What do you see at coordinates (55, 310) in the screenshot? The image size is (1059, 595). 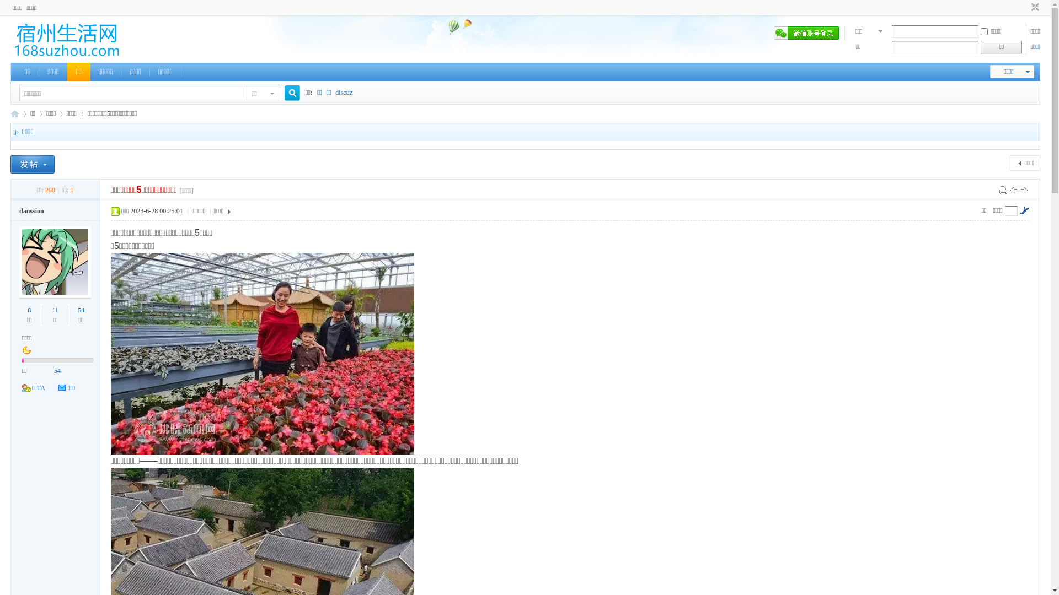 I see `'11'` at bounding box center [55, 310].